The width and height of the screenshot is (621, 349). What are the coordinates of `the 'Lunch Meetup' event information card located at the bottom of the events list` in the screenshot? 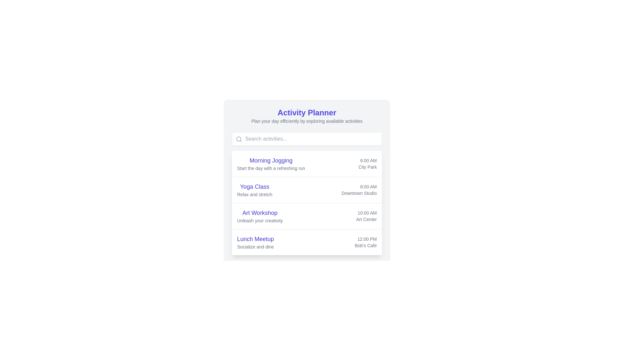 It's located at (307, 242).